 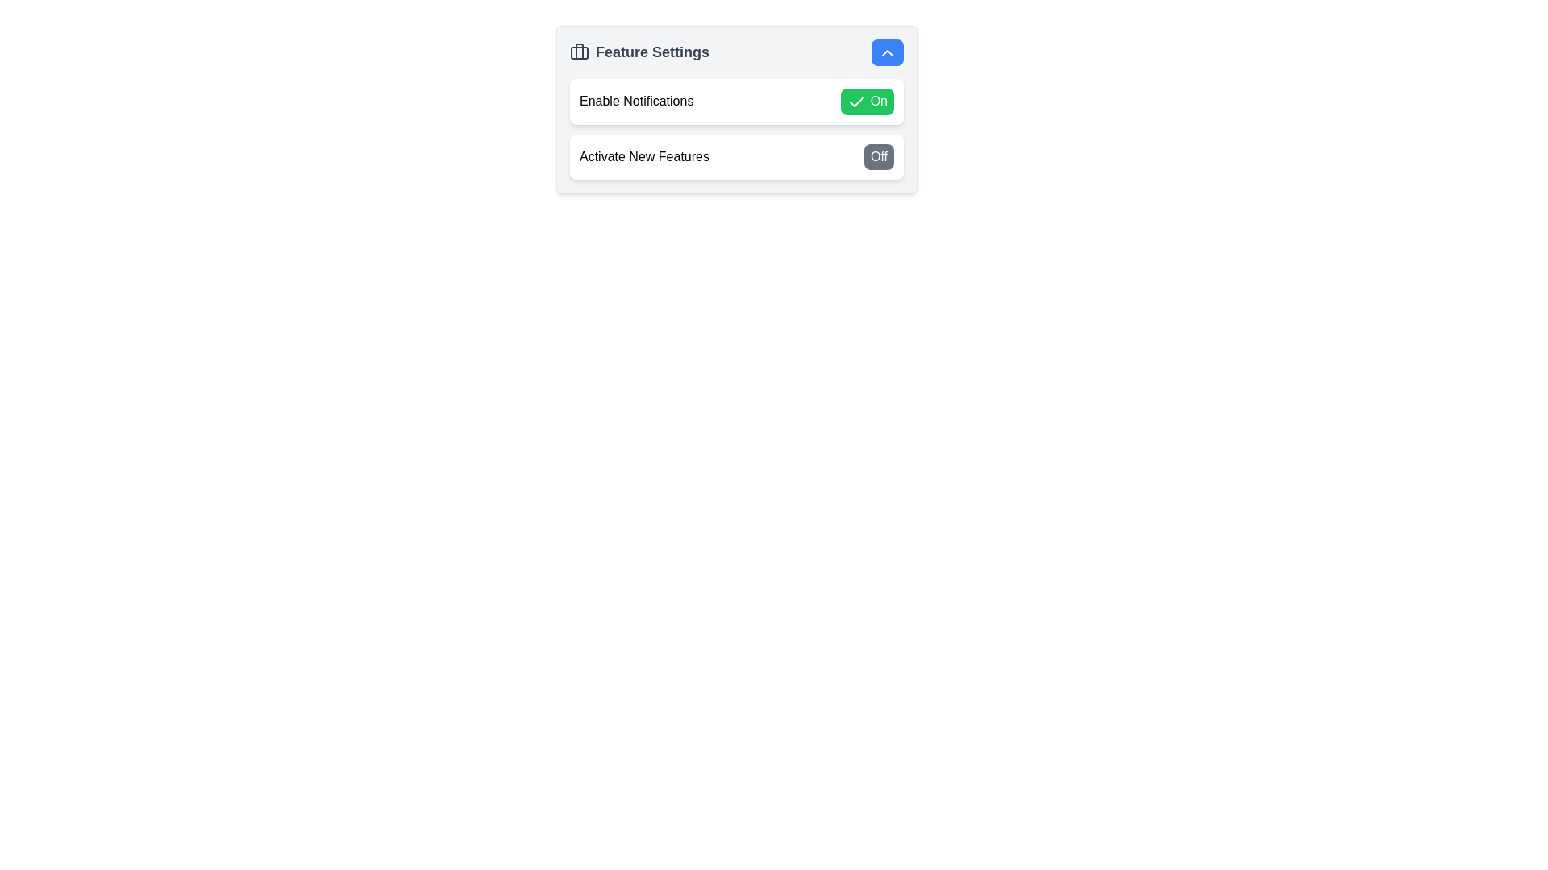 I want to click on the toggleable control for notifications located in the 'Feature Settings' section to observe visual effects, so click(x=735, y=101).